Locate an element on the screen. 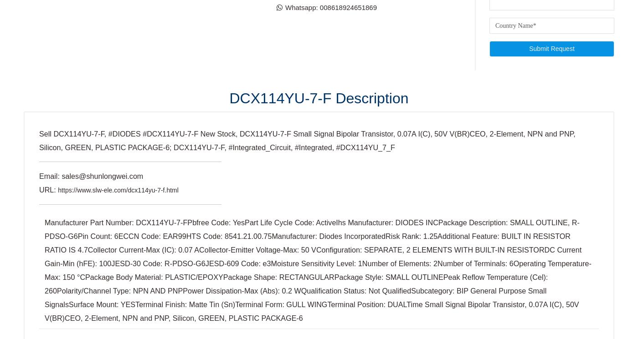 Image resolution: width=638 pixels, height=339 pixels. 'IGBT Modules' is located at coordinates (346, 35).